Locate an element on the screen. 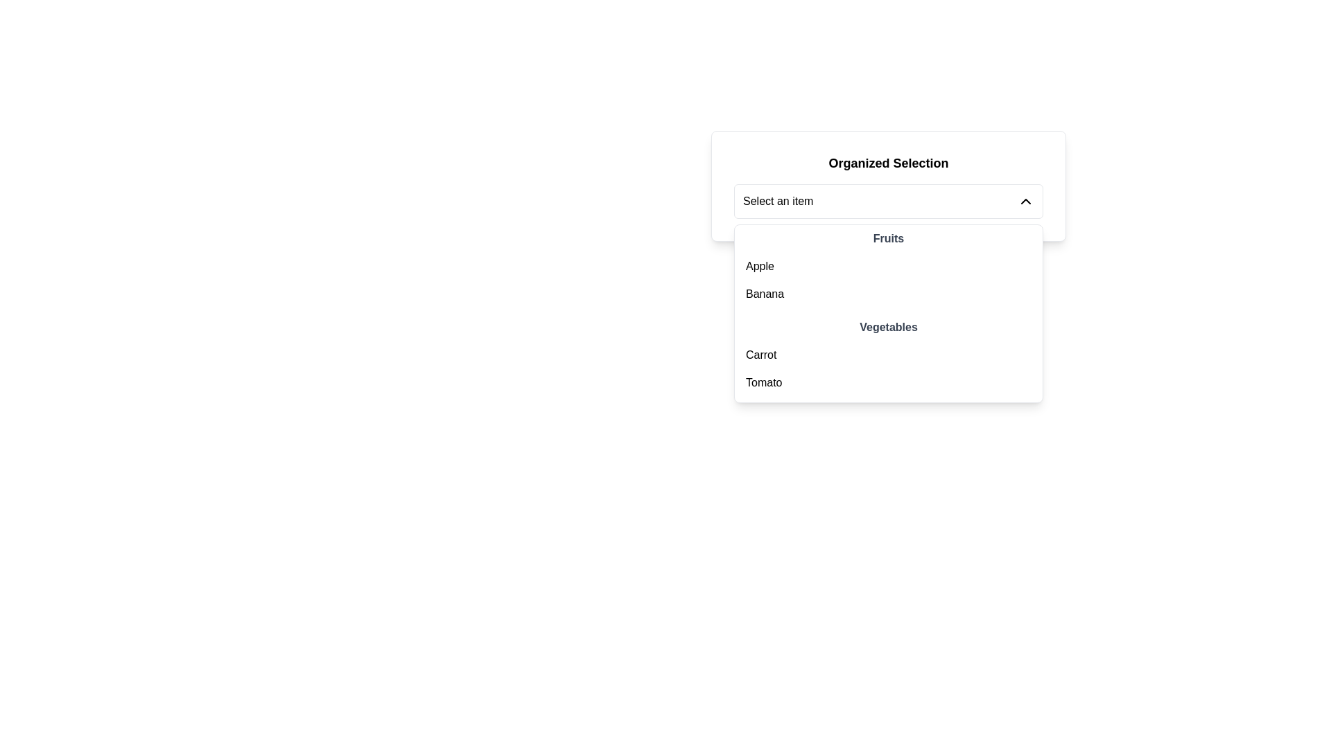  the static text label 'Banana' within the dropdown menu under the 'Fruits' category is located at coordinates (764, 293).